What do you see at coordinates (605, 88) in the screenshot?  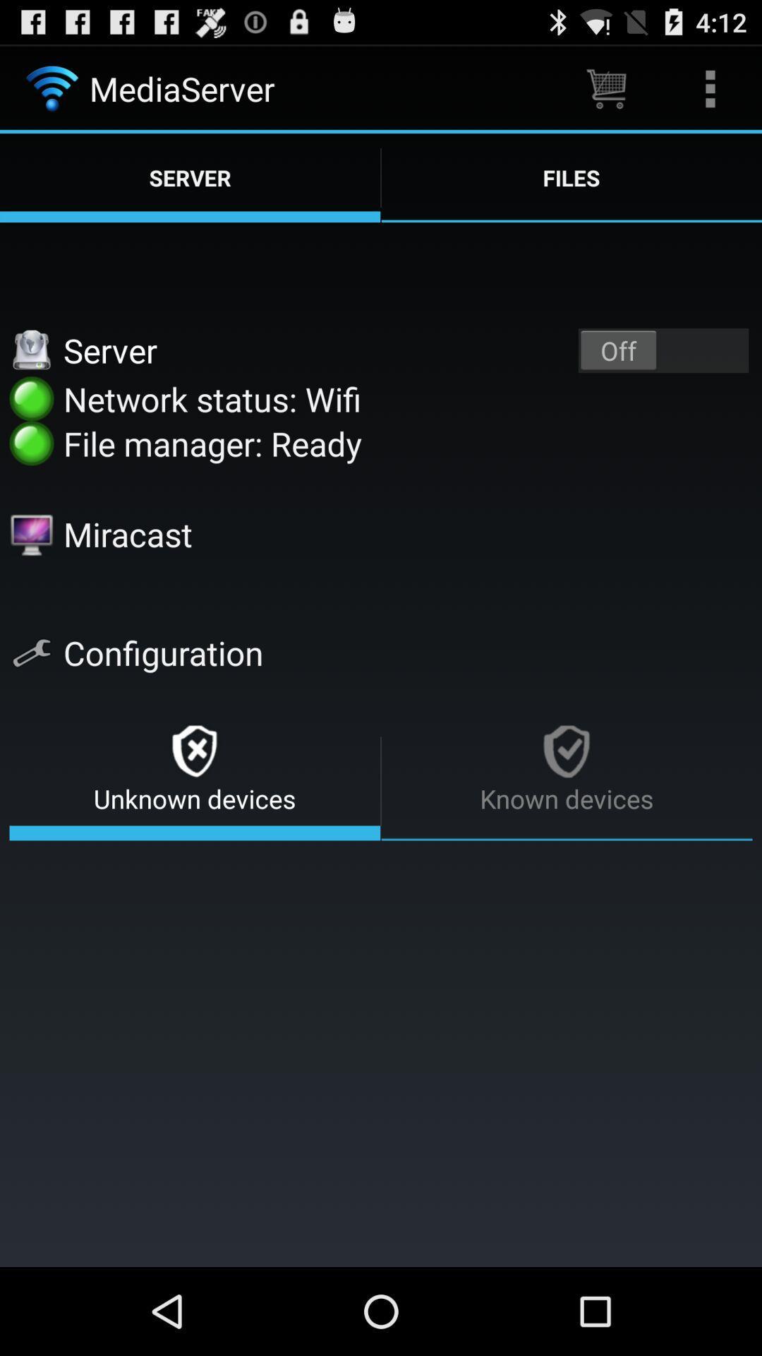 I see `the item next to mediaserver app` at bounding box center [605, 88].